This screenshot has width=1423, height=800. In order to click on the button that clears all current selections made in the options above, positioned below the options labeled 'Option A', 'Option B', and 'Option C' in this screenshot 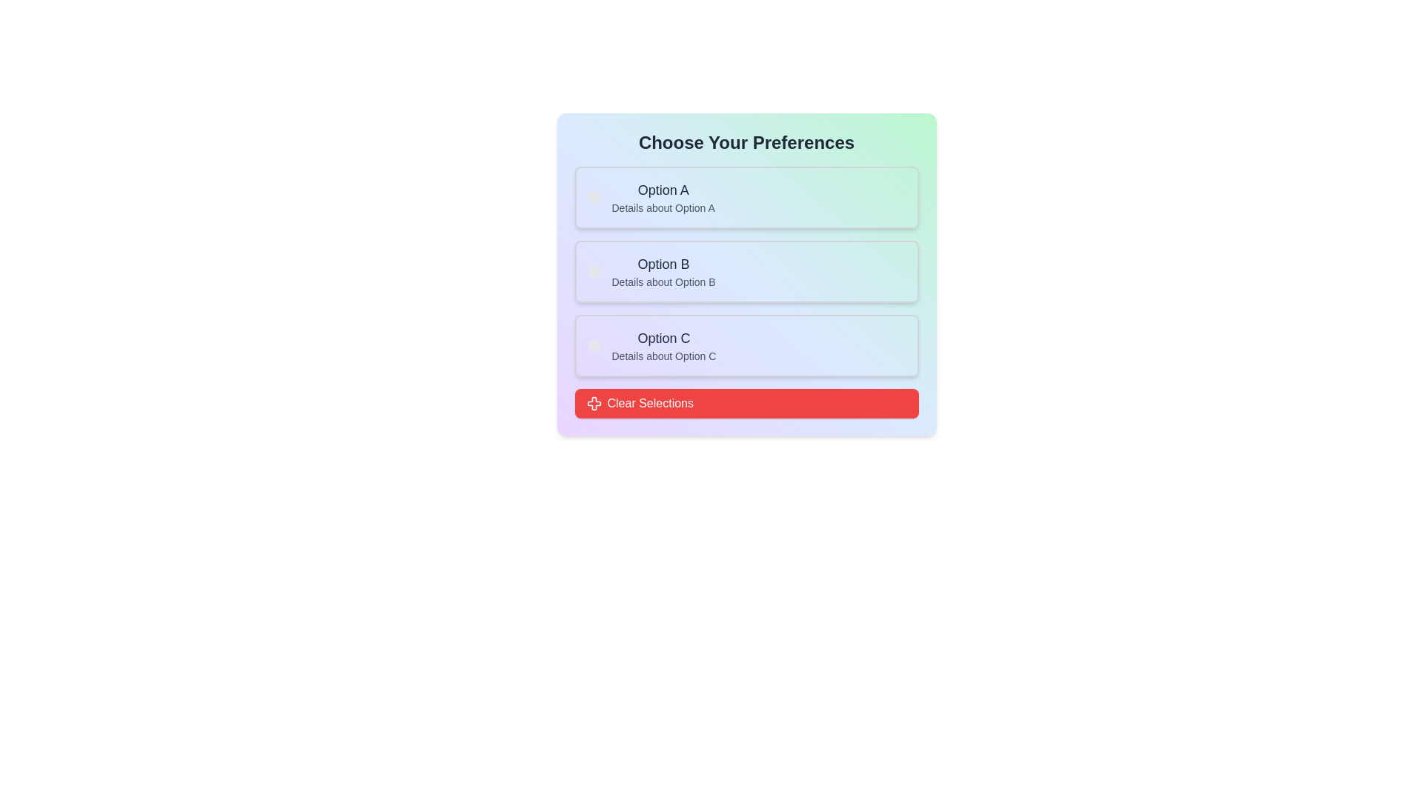, I will do `click(746, 403)`.